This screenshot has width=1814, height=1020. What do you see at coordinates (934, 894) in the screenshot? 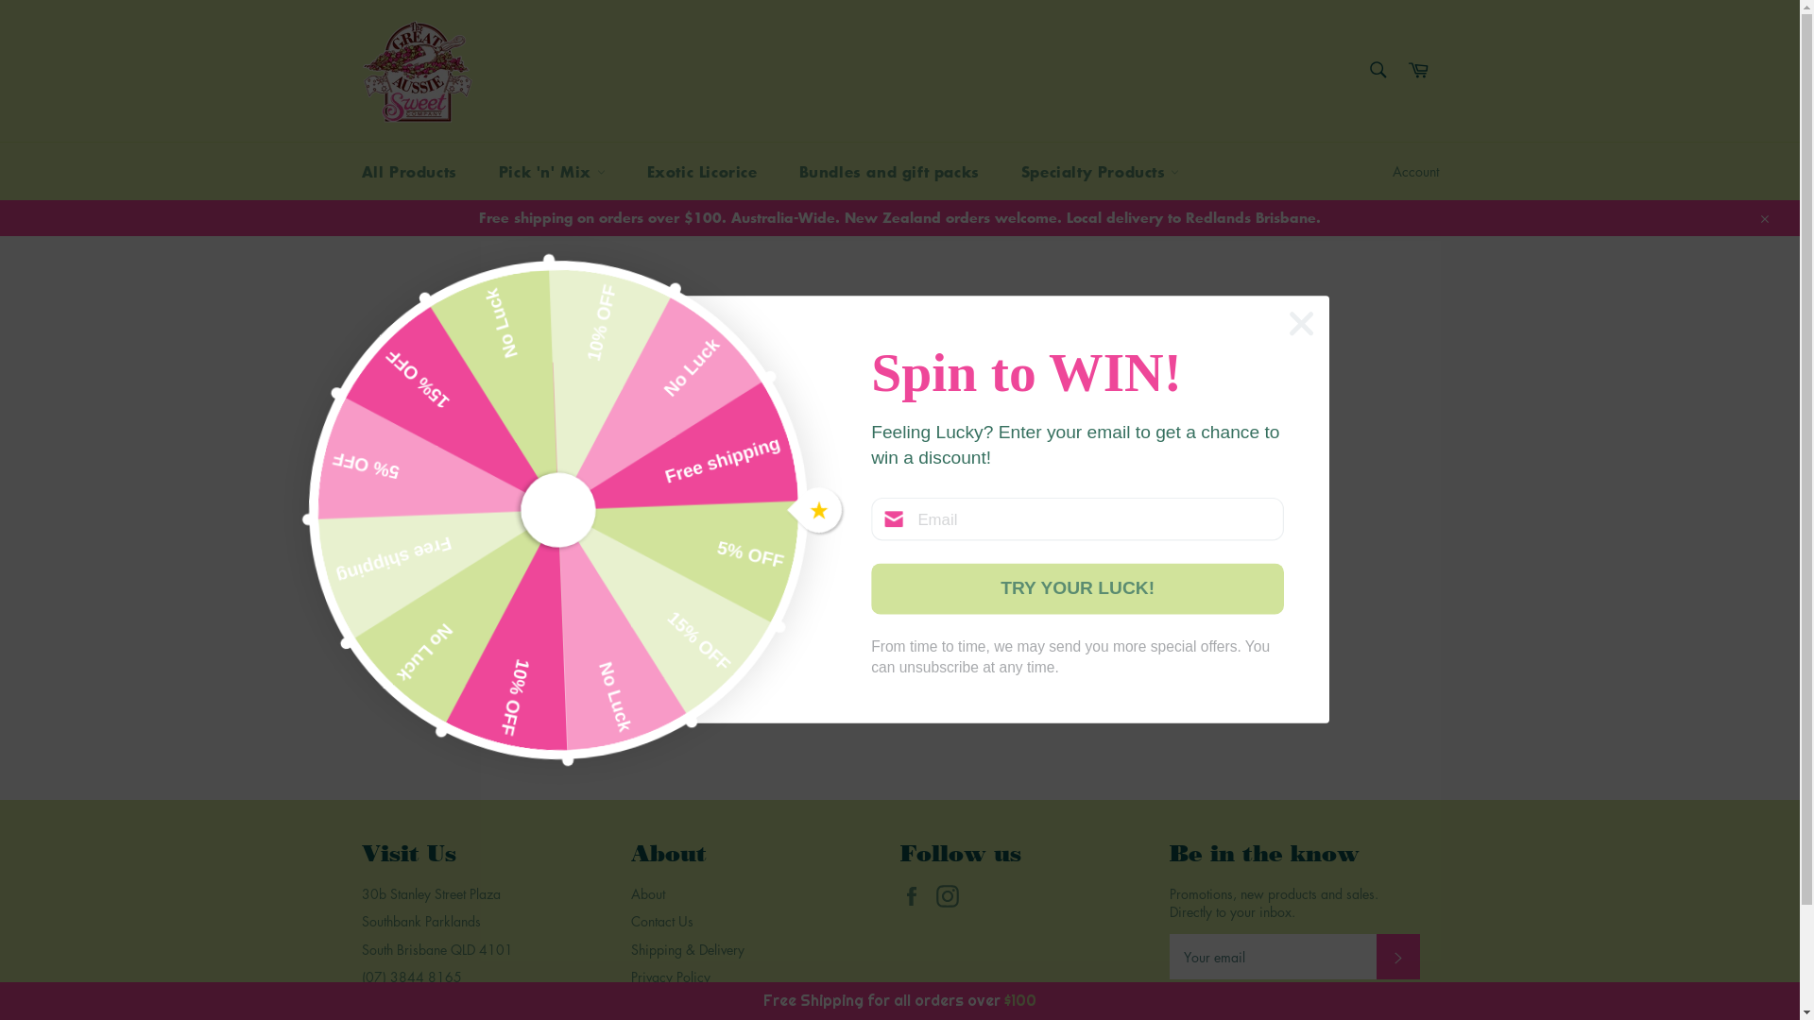
I see `'Instagram'` at bounding box center [934, 894].